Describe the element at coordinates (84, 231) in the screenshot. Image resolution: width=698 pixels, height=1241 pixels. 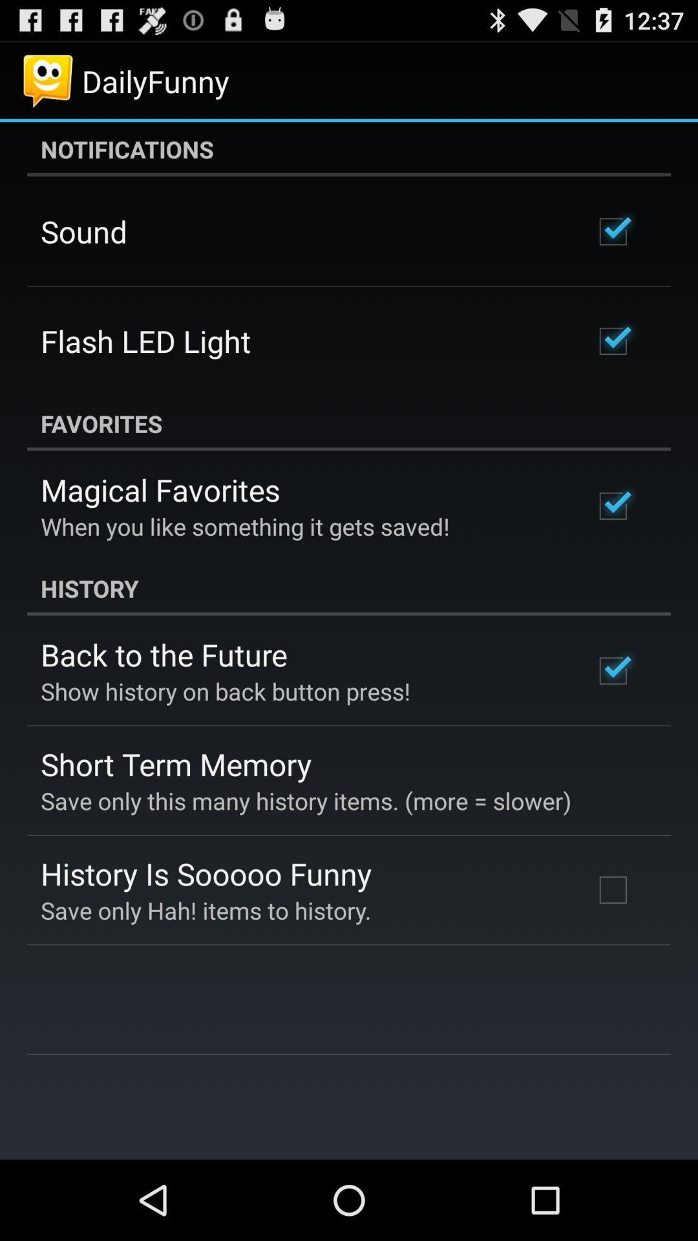
I see `item above flash led light icon` at that location.